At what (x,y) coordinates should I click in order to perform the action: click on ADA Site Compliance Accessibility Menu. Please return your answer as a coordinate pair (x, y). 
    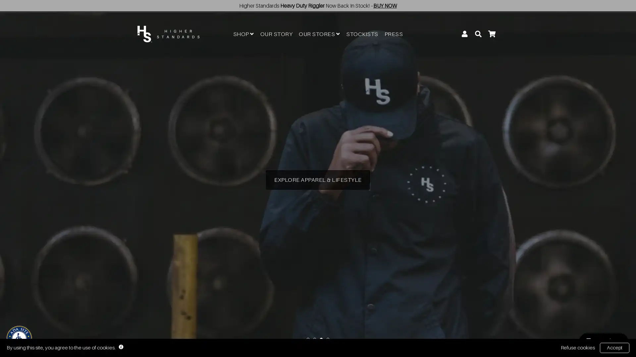
    Looking at the image, I should click on (19, 338).